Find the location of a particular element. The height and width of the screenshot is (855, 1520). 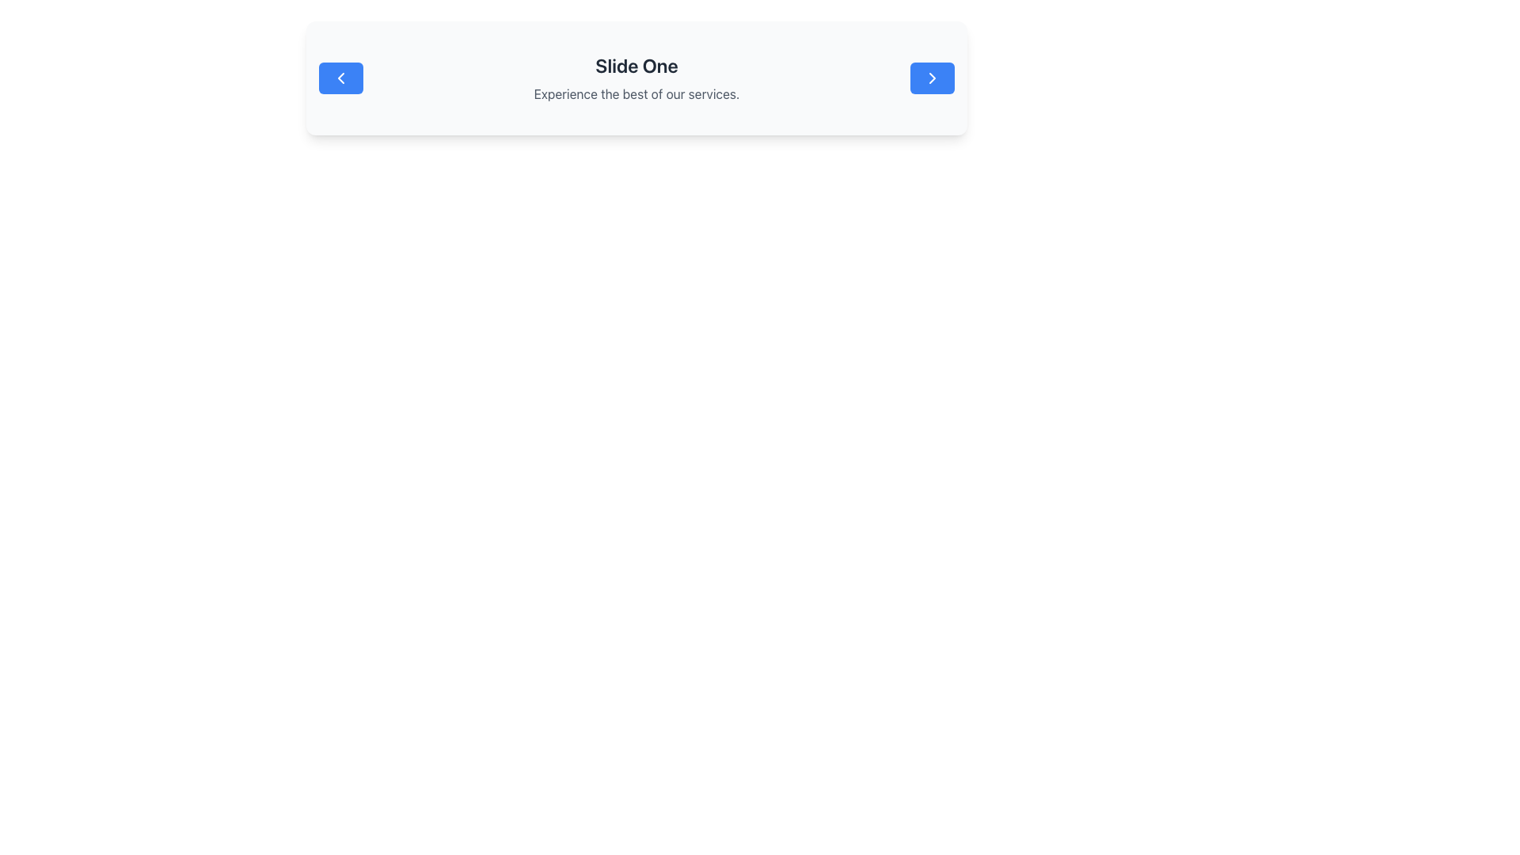

the chevron-left icon within the blue rounded button located on the left side of the navigation bar is located at coordinates (340, 78).